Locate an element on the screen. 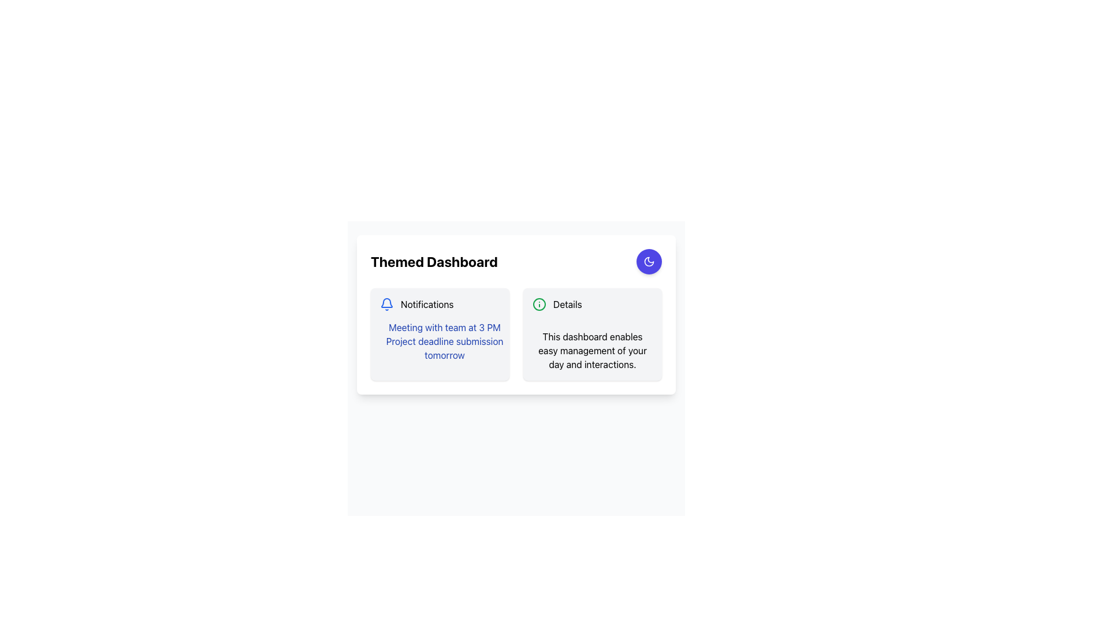 The width and height of the screenshot is (1109, 624). the circular SVG element with a green outline and white background, part of the 'Details' section icon on the dashboard interface is located at coordinates (539, 304).